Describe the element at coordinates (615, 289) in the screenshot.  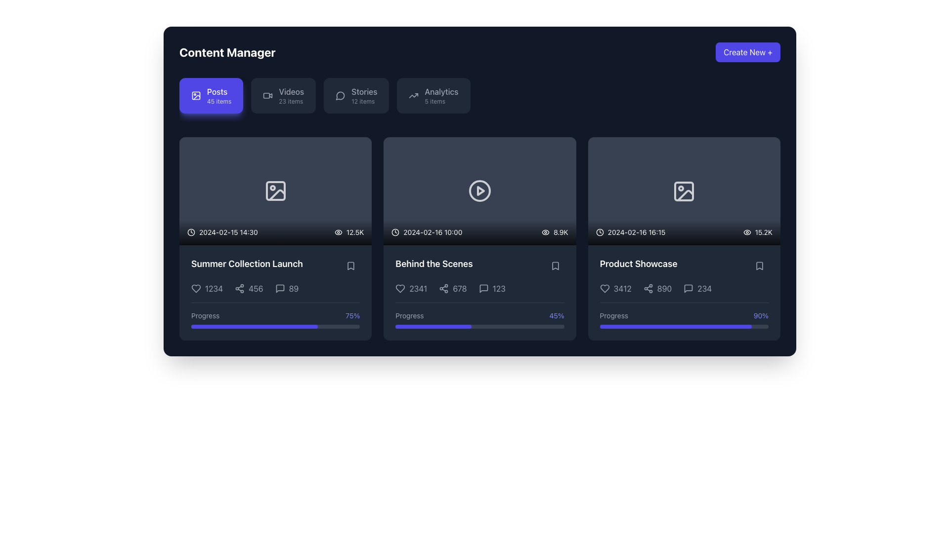
I see `the numeric text '3412' styled in light gray color, which is accompanied by a heart icon on the third card in the Product Showcase section` at that location.